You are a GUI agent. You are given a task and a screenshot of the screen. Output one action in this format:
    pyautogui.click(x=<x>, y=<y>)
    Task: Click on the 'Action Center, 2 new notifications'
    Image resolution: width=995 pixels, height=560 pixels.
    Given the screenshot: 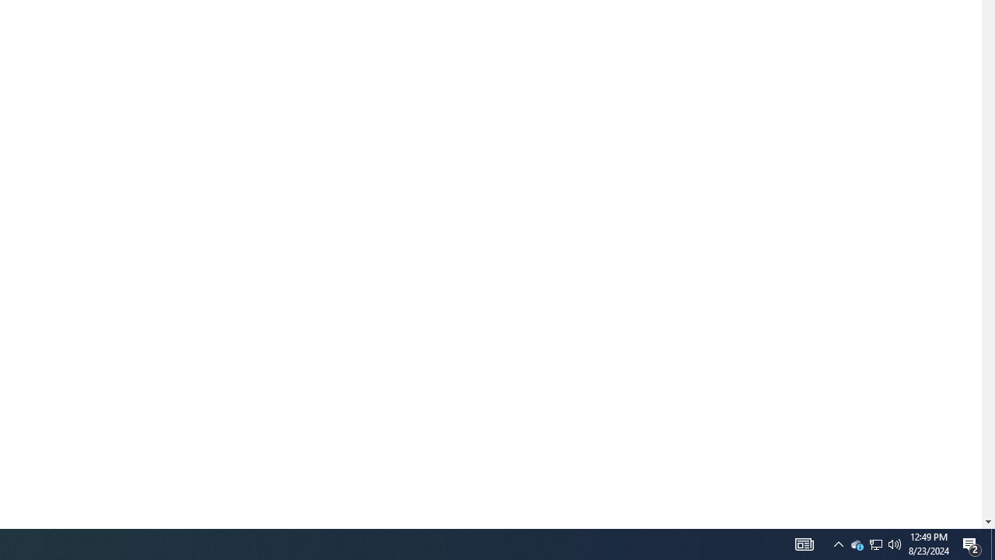 What is the action you would take?
    pyautogui.click(x=972, y=543)
    